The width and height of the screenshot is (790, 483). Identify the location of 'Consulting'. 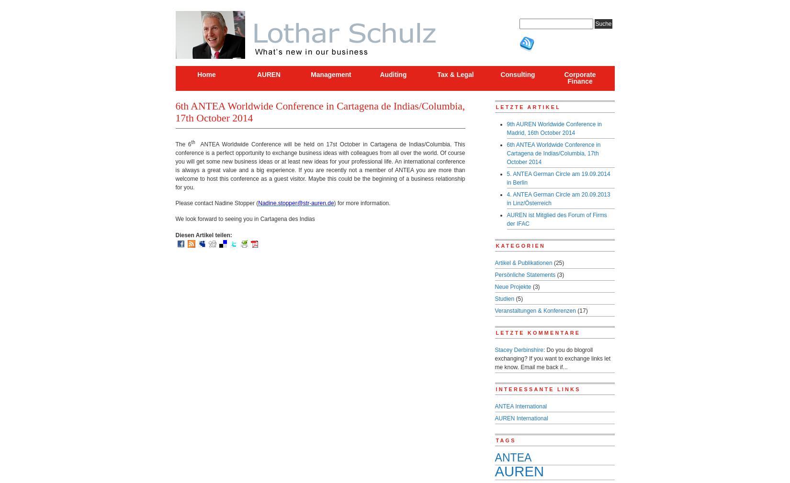
(500, 74).